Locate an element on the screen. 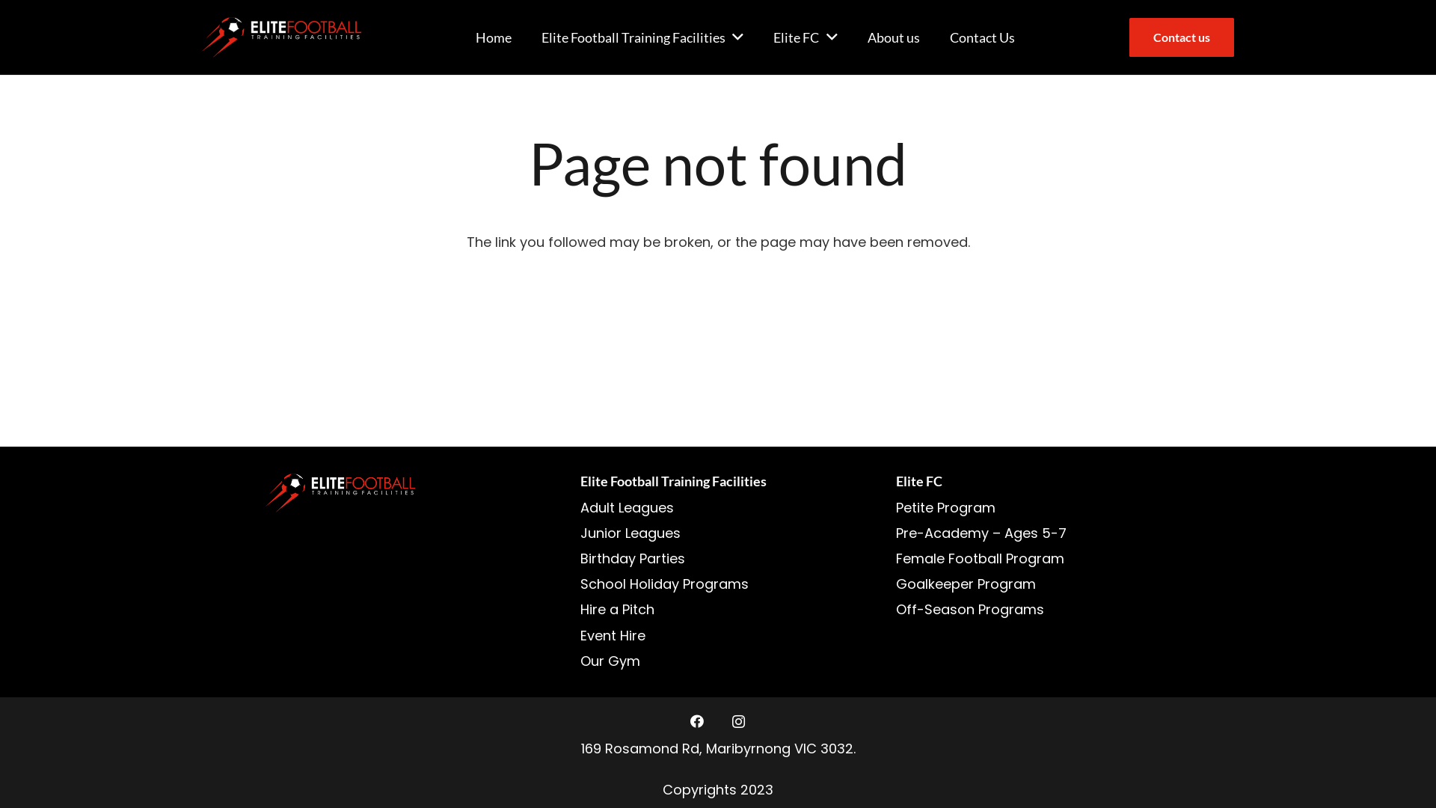 Image resolution: width=1436 pixels, height=808 pixels. 'Instagram' is located at coordinates (738, 720).